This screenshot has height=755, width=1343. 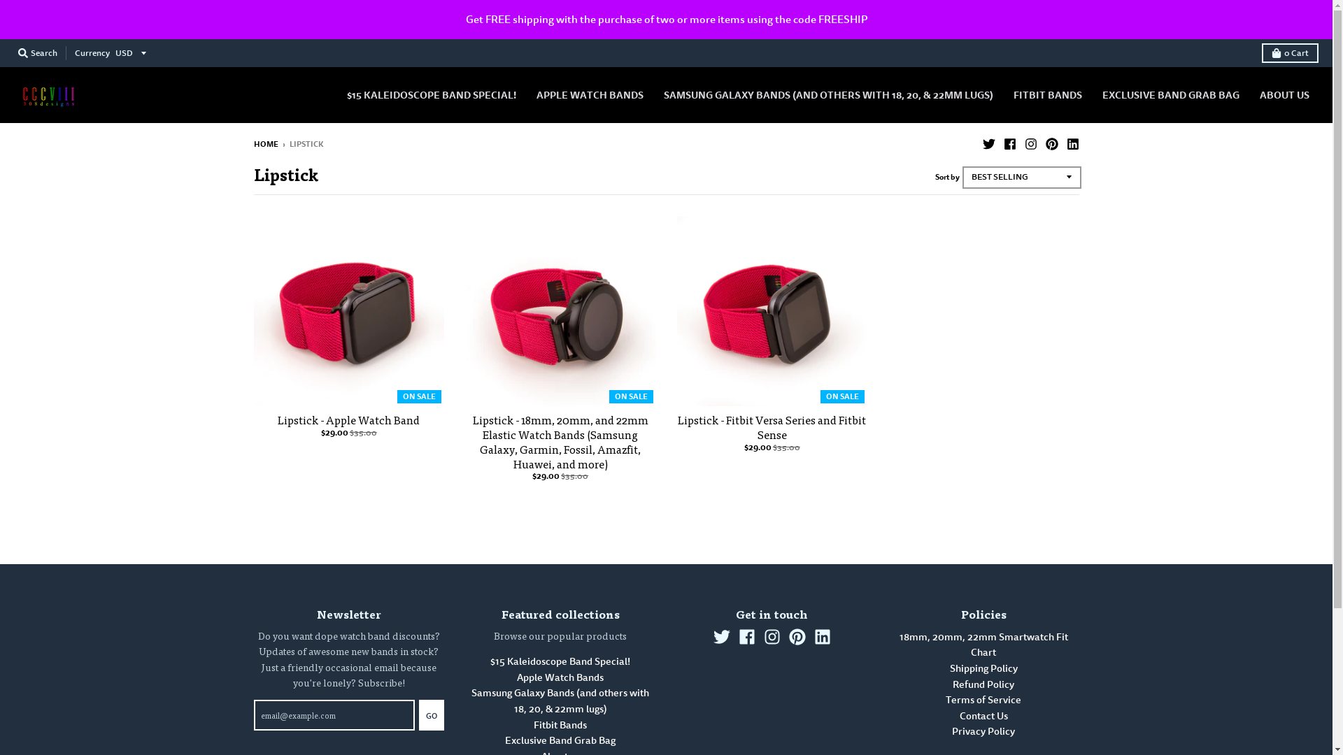 I want to click on 'Lipstick - Fitbit Versa Series and Fitbit Sense', so click(x=771, y=426).